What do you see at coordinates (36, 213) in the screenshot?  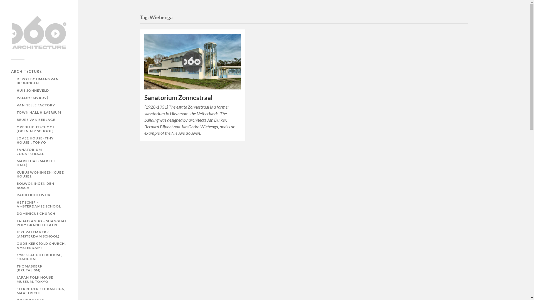 I see `'DOMINICUS CHURCH'` at bounding box center [36, 213].